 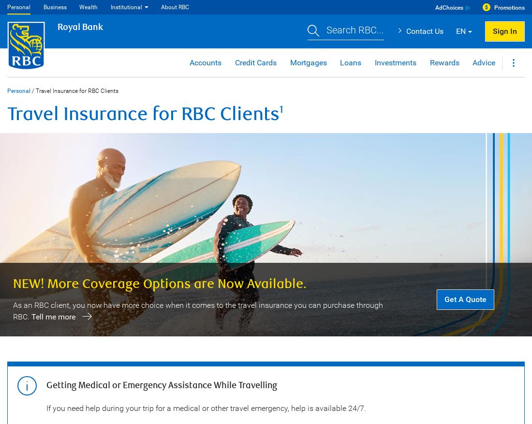 I want to click on '/', so click(x=30, y=91).